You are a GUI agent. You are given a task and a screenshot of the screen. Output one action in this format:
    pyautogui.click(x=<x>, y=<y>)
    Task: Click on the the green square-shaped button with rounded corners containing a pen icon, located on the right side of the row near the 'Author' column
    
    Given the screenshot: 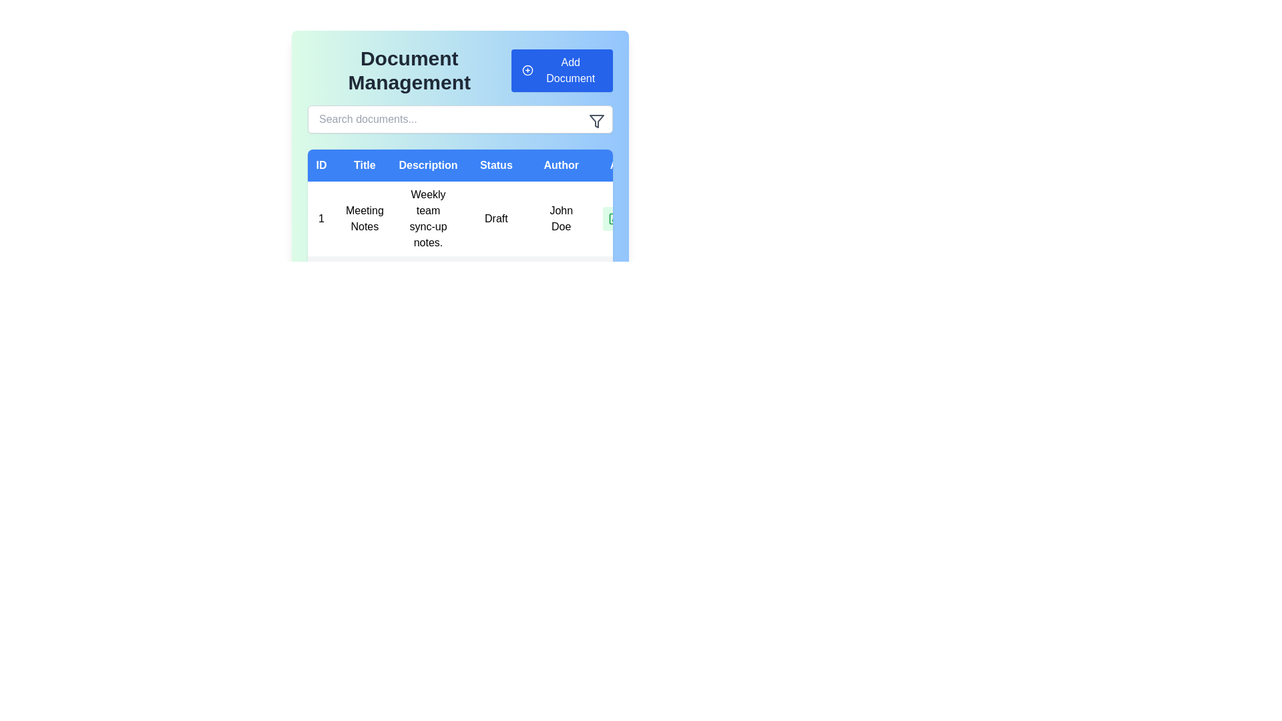 What is the action you would take?
    pyautogui.click(x=614, y=218)
    